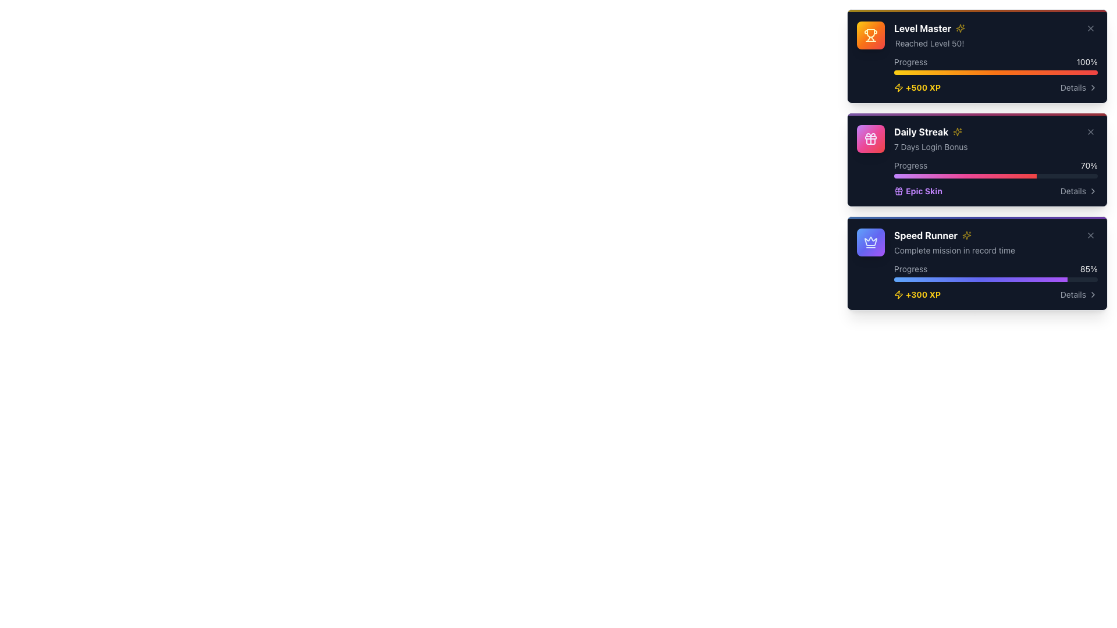 This screenshot has width=1117, height=628. I want to click on the Decorative Rectangle in the gift icon located at the top portion of the icon area, which is part of a grouping of reward badges on the right side of the interface, so click(871, 137).